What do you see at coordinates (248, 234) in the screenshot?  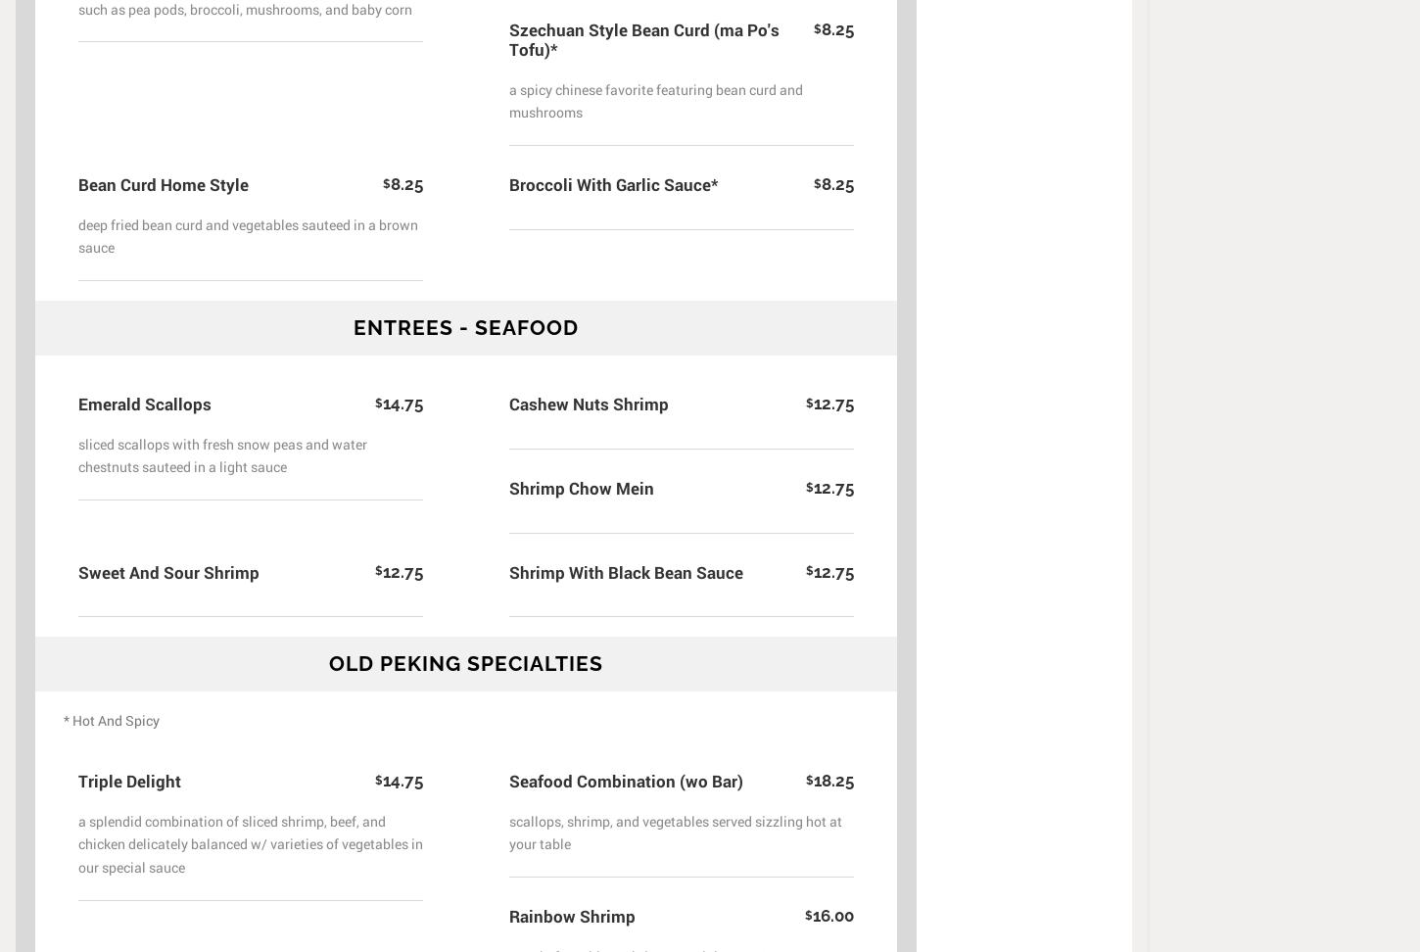 I see `'deep fried bean curd and vegetables sauteed in a brown sauce'` at bounding box center [248, 234].